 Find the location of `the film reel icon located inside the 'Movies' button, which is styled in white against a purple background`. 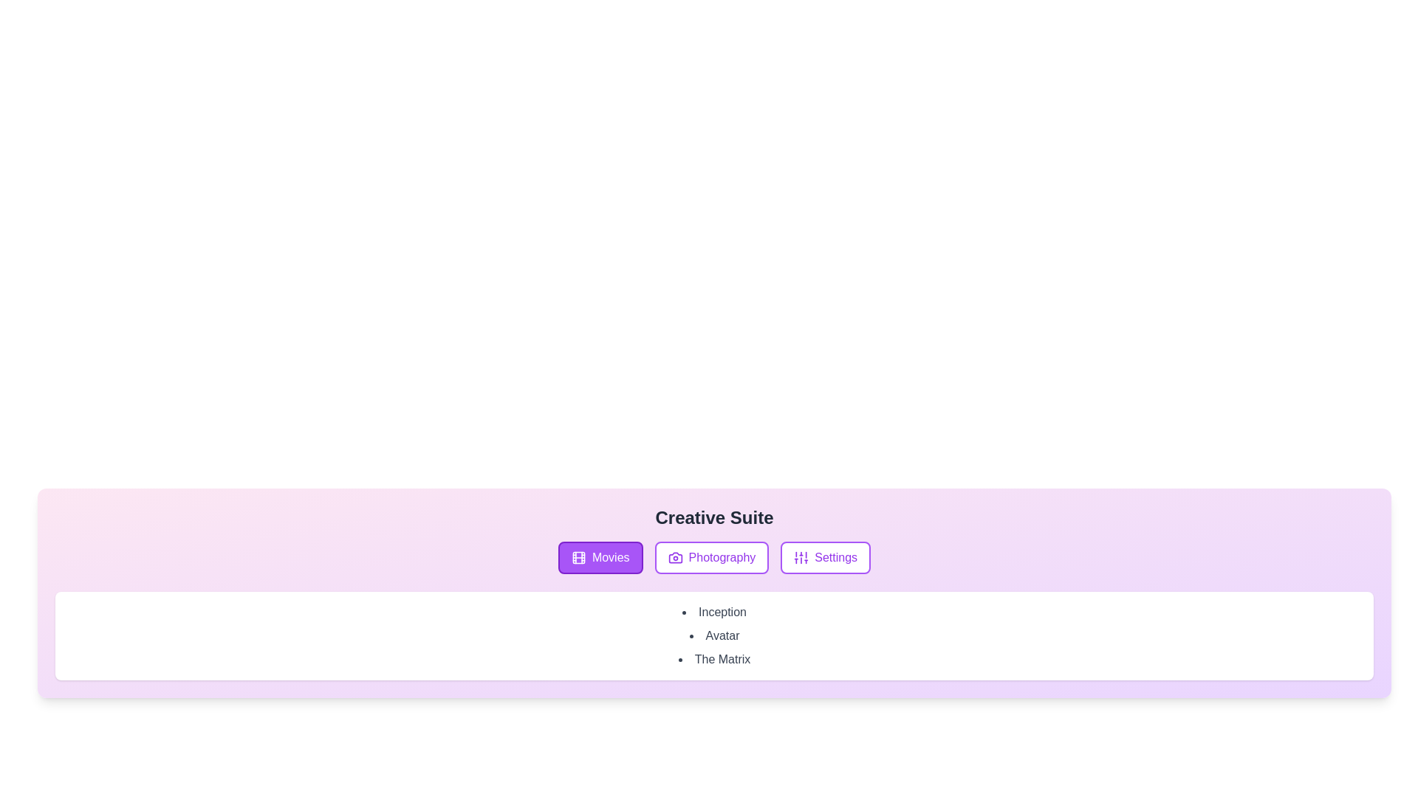

the film reel icon located inside the 'Movies' button, which is styled in white against a purple background is located at coordinates (578, 558).